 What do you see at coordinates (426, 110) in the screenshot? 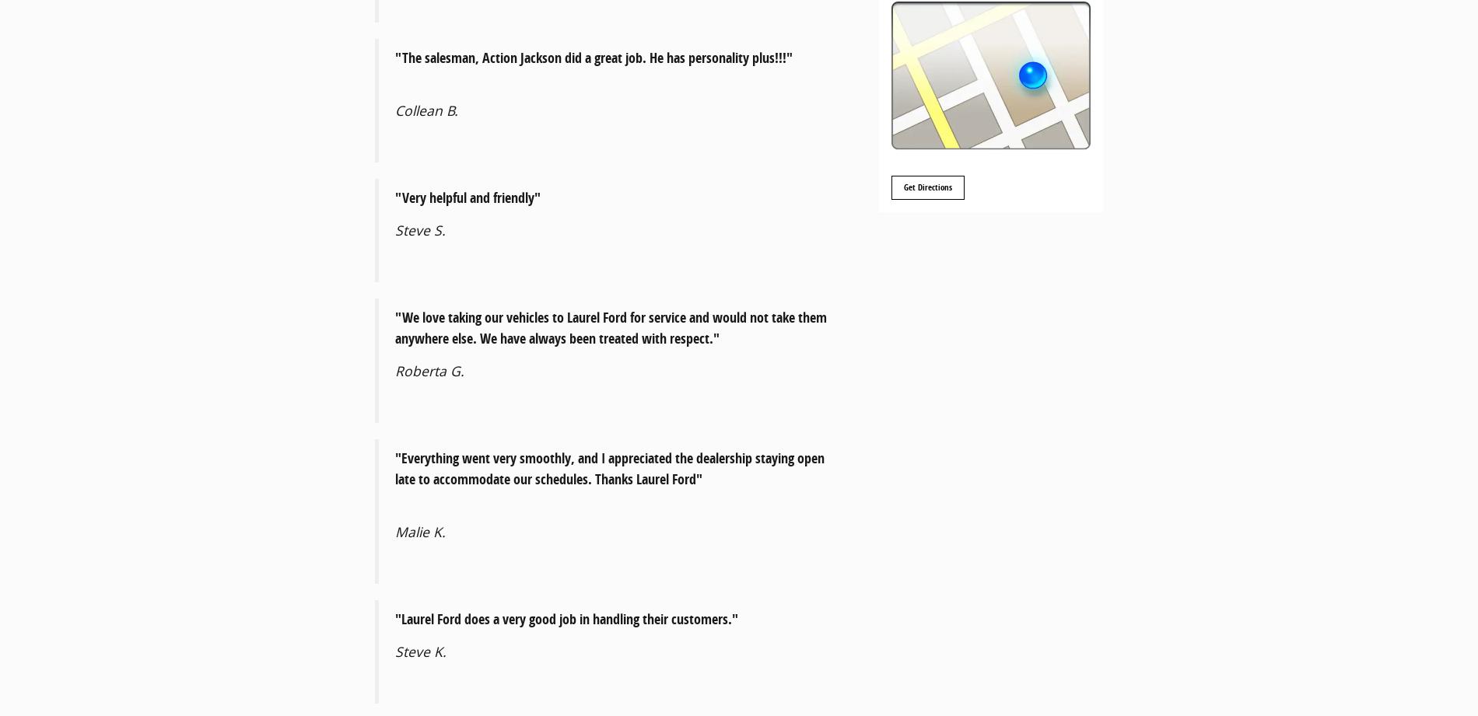
I see `'Collean 
B.'` at bounding box center [426, 110].